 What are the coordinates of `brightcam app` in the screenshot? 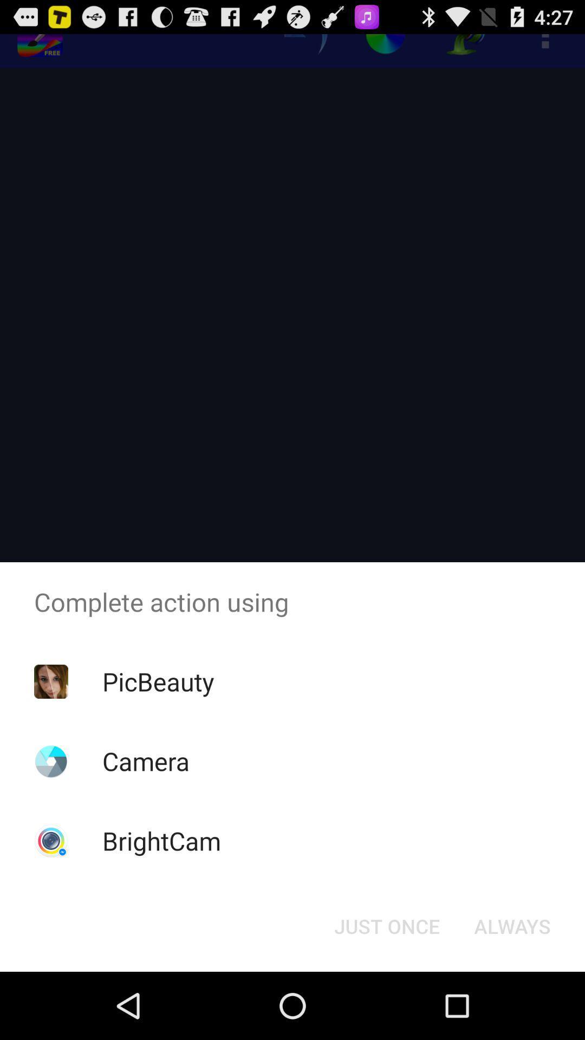 It's located at (161, 840).